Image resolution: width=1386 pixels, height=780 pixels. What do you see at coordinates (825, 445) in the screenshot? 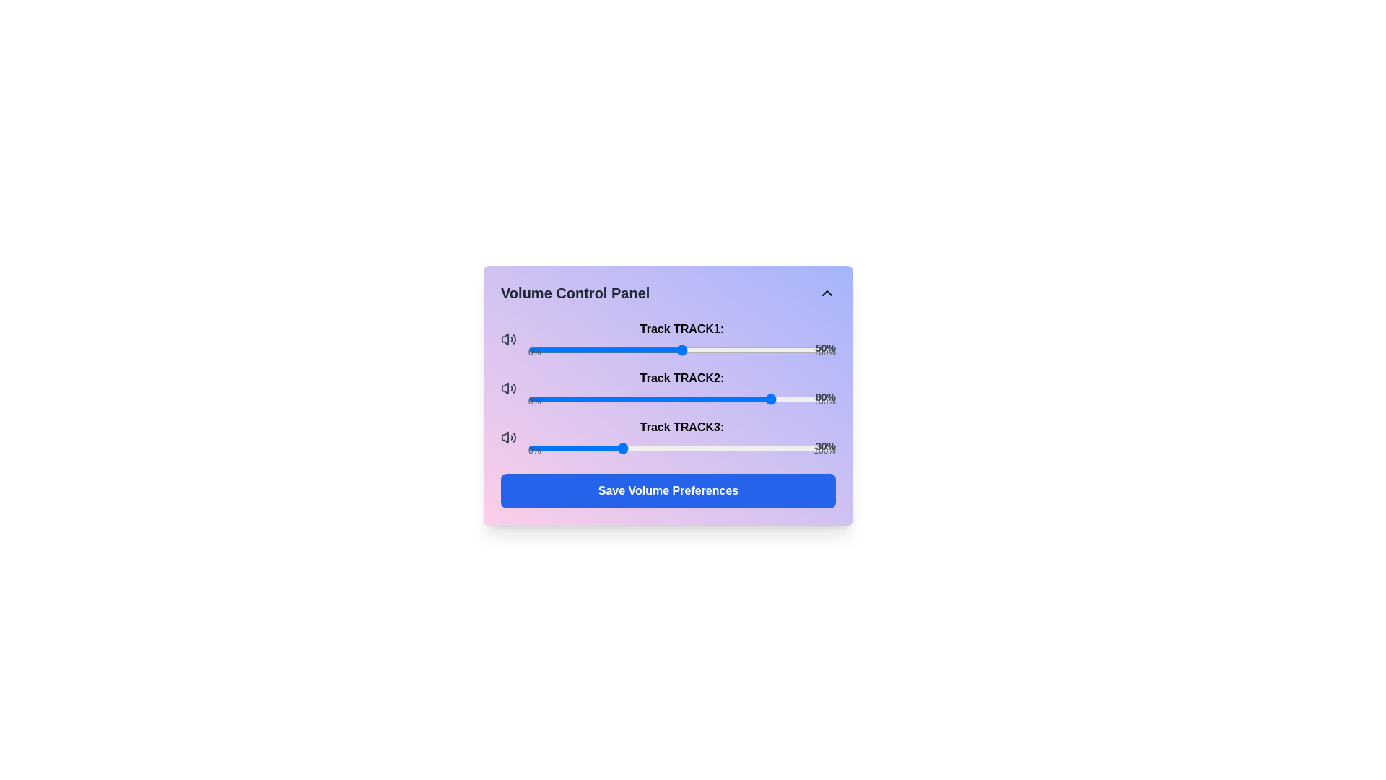
I see `the Text Label that displays the current percentage value (30%) for the slider associated with 'Track TRACK3:', located at the far right end of the slider, above the 'Save Volume Preferences' button` at bounding box center [825, 445].